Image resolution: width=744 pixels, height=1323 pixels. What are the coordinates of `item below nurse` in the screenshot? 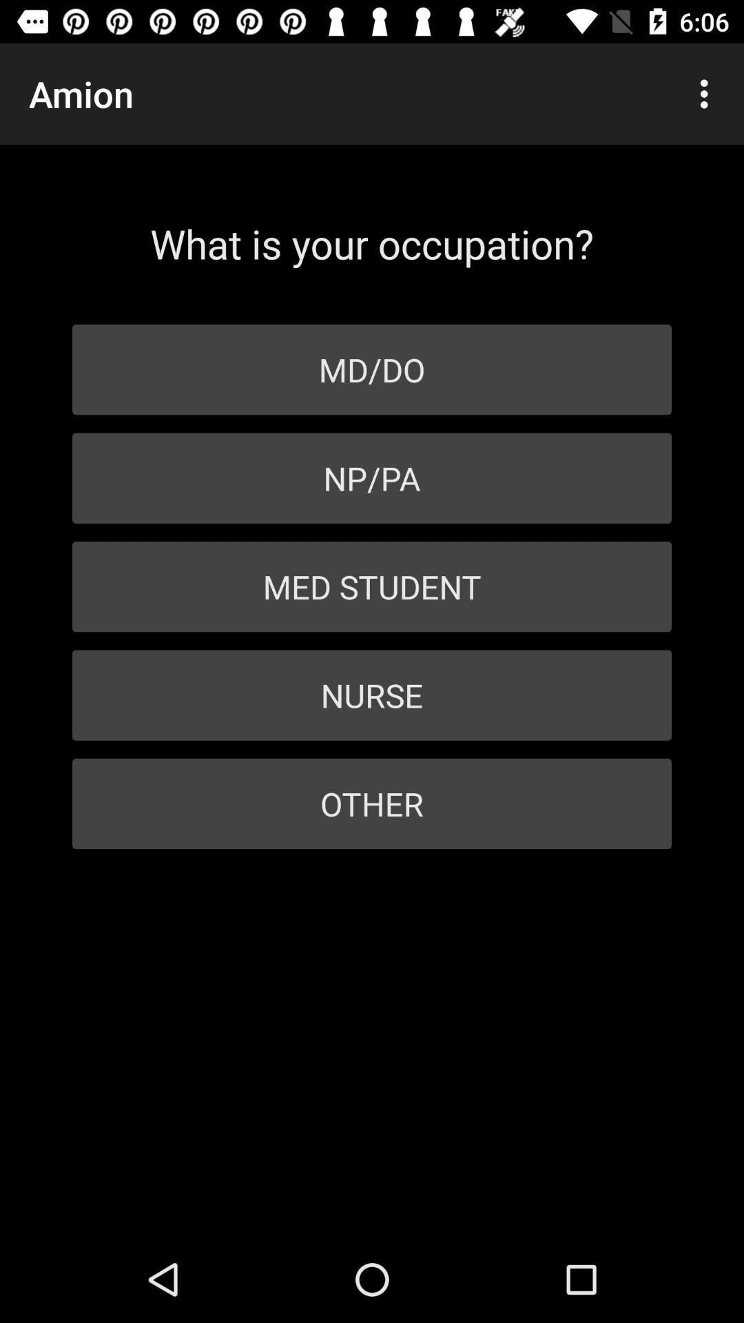 It's located at (372, 803).